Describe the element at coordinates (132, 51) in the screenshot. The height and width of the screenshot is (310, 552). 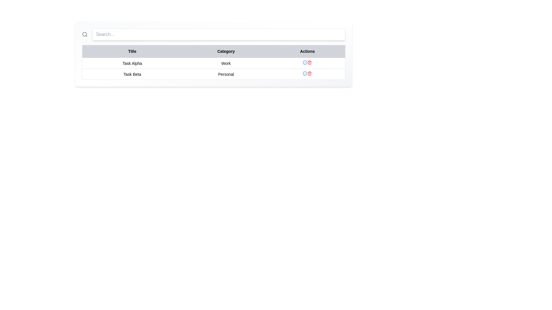
I see `text of the header label identified as 'Title', which is the first header section in the table layout` at that location.